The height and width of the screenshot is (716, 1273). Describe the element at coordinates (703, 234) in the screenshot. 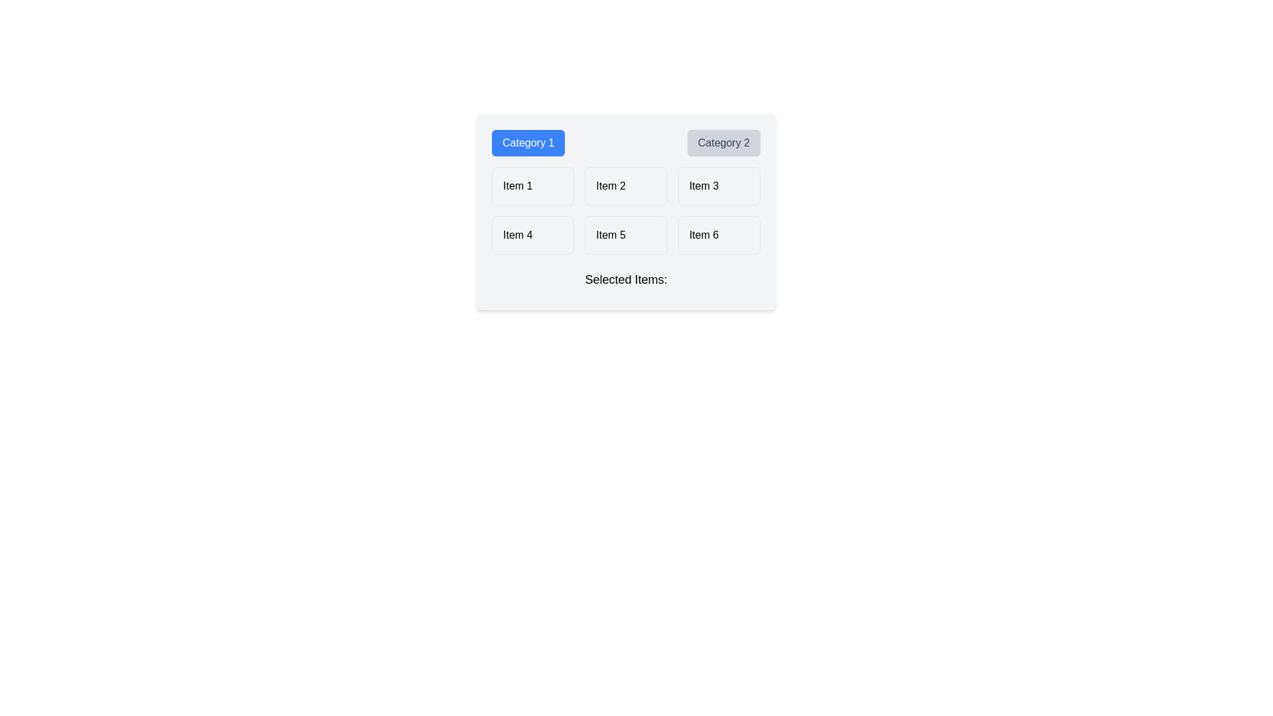

I see `the text label displaying 'Item 6' in the bottom-right corner of the 'Category 2' section within the grid layout` at that location.